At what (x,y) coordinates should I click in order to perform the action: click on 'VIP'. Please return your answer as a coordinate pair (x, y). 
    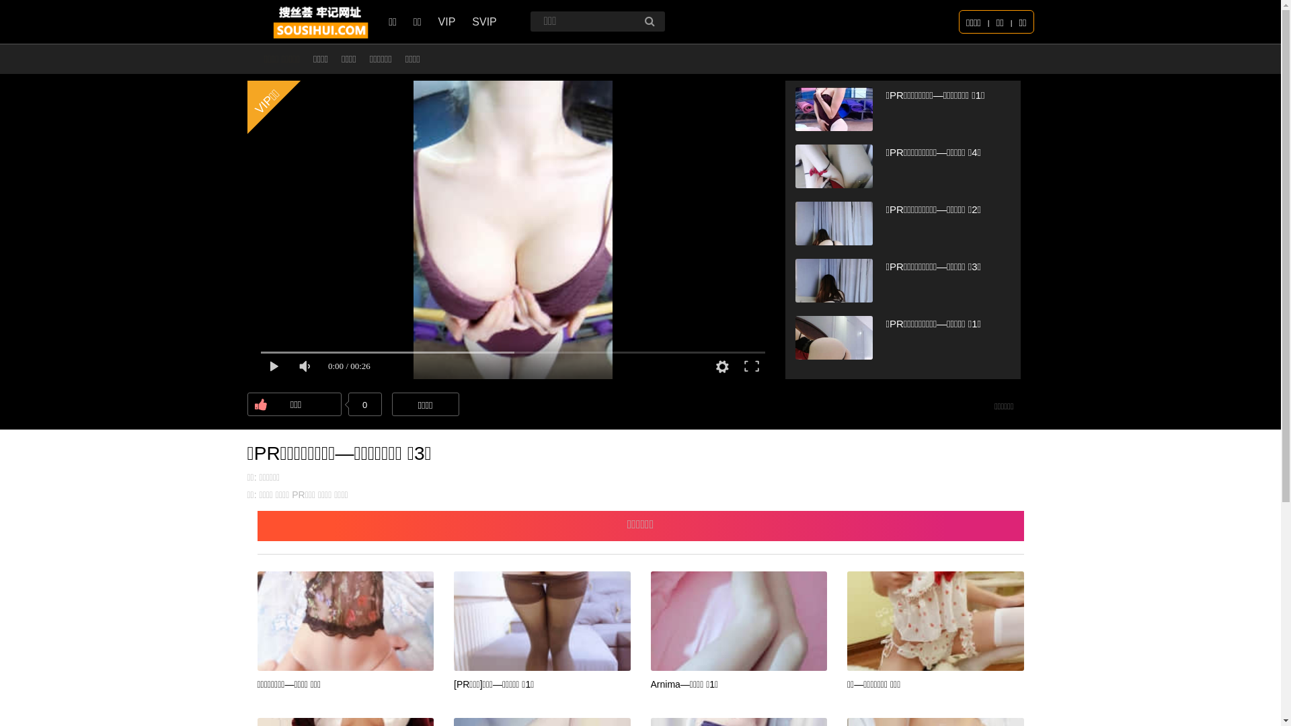
    Looking at the image, I should click on (438, 22).